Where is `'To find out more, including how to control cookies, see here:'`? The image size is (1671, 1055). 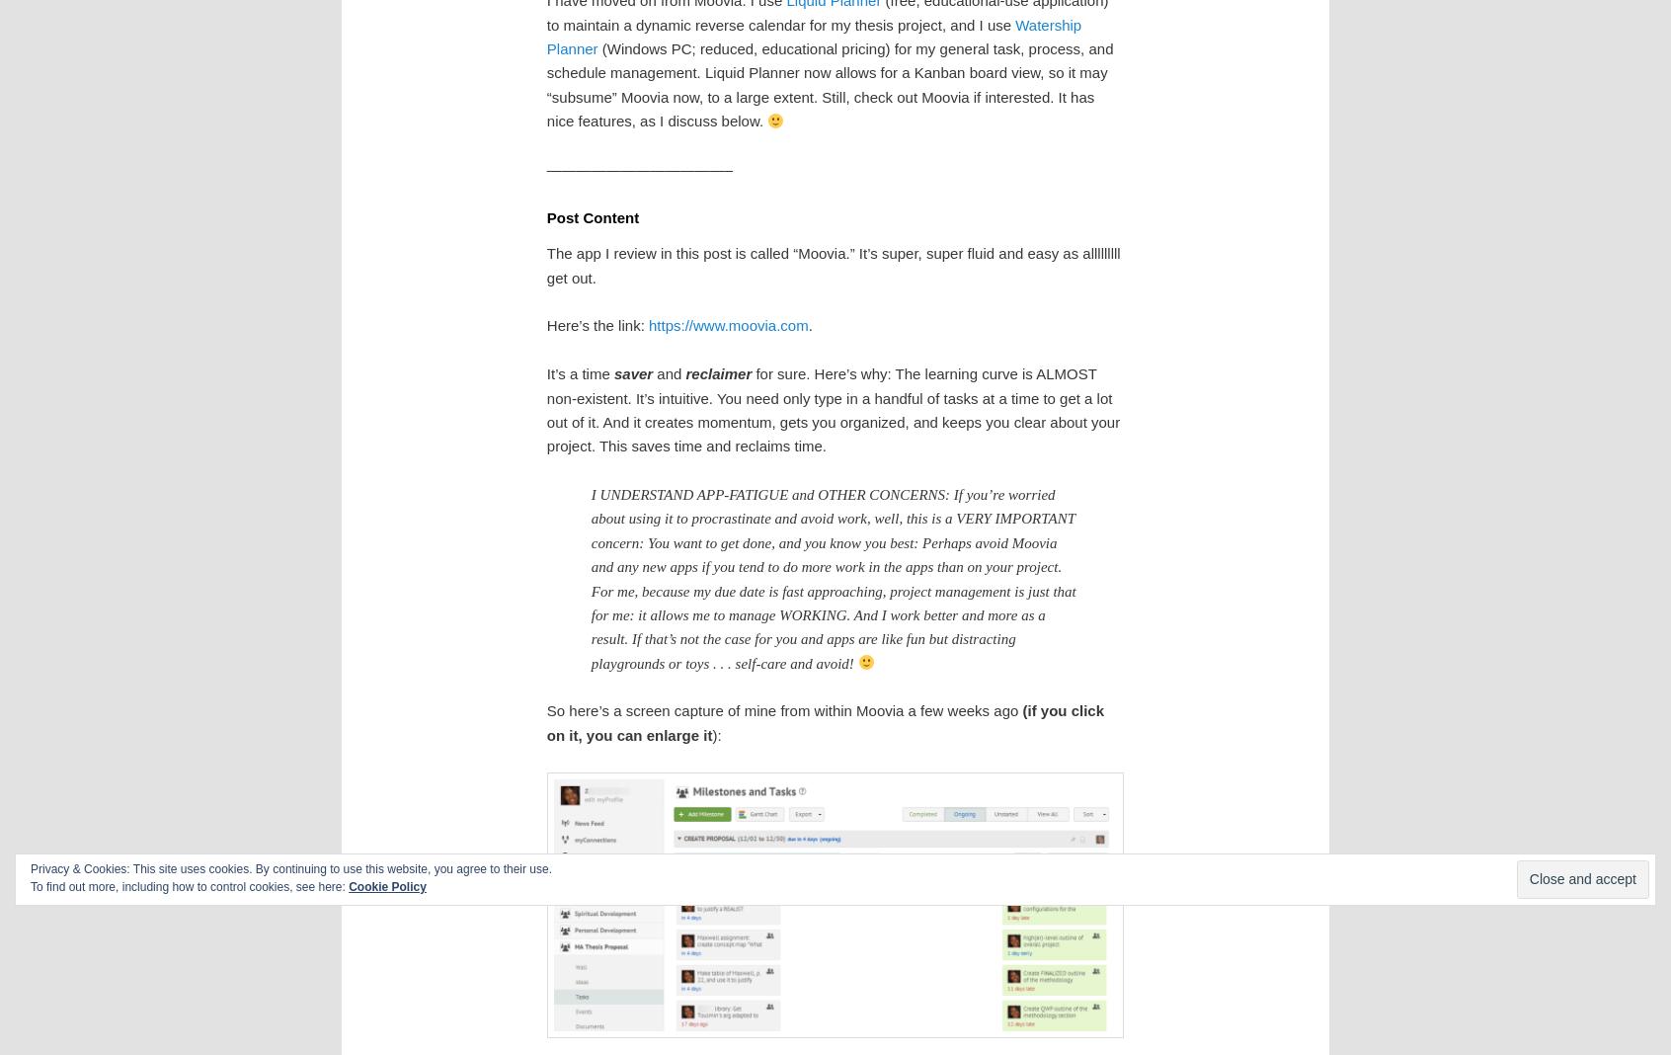 'To find out more, including how to control cookies, see here:' is located at coordinates (29, 885).